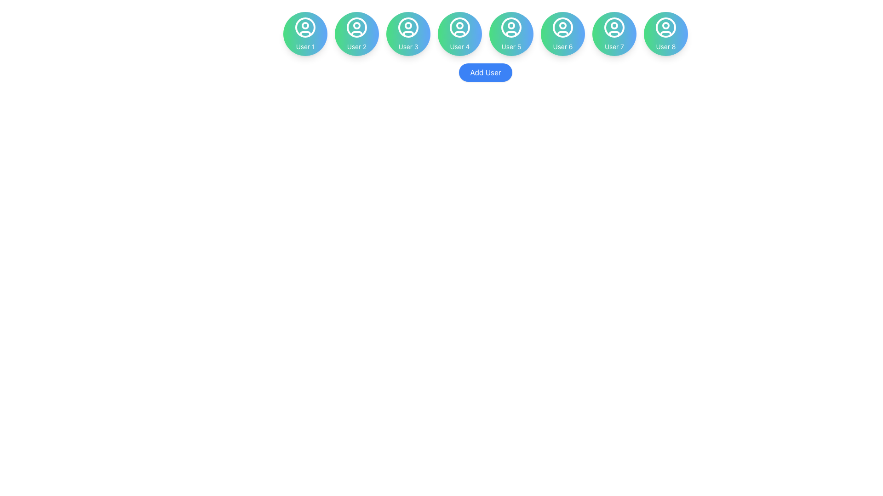 The width and height of the screenshot is (883, 496). Describe the element at coordinates (511, 27) in the screenshot. I see `the circular user icon outlined in white, located within the 'User 5' element` at that location.